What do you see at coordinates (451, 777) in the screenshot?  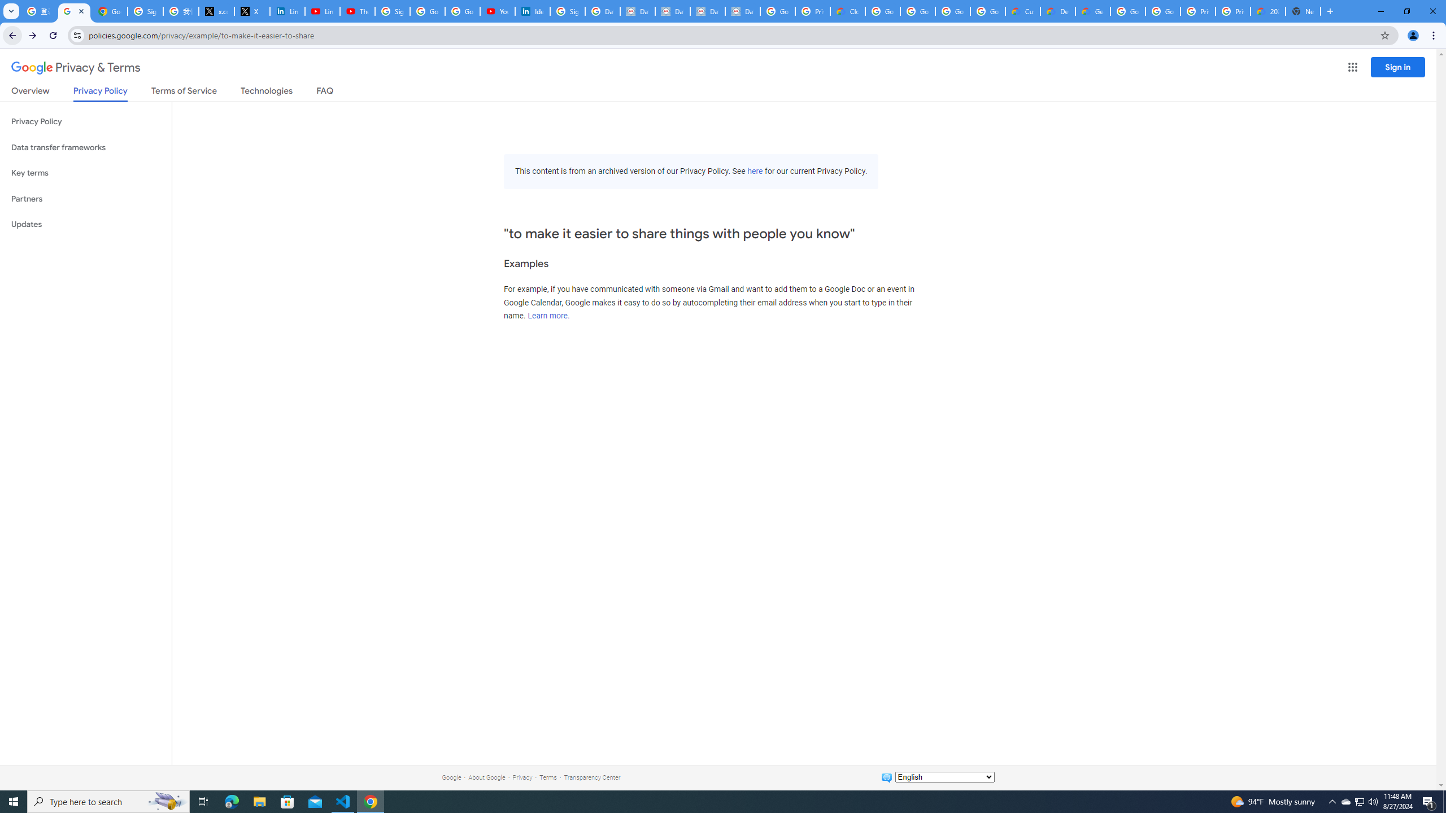 I see `'Google'` at bounding box center [451, 777].